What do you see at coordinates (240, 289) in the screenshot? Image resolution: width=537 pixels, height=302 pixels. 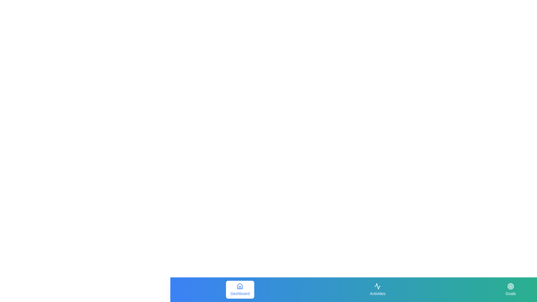 I see `the navigation tab labeled Dashboard` at bounding box center [240, 289].